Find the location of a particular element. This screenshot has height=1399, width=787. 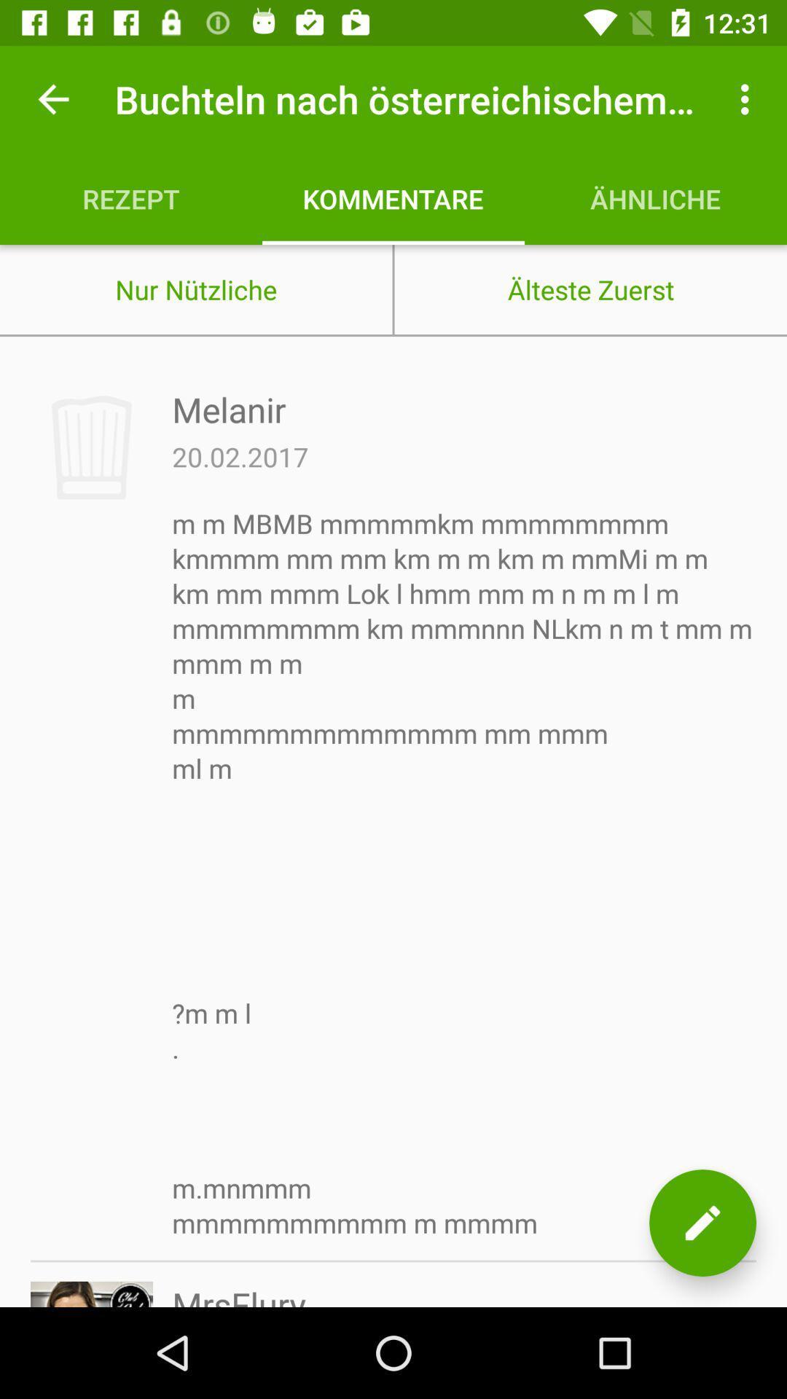

the m m mbmb is located at coordinates (464, 873).